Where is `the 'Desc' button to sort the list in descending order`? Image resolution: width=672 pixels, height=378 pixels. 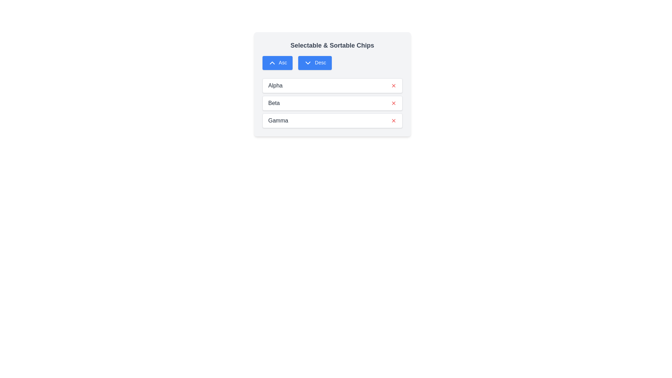 the 'Desc' button to sort the list in descending order is located at coordinates (314, 63).